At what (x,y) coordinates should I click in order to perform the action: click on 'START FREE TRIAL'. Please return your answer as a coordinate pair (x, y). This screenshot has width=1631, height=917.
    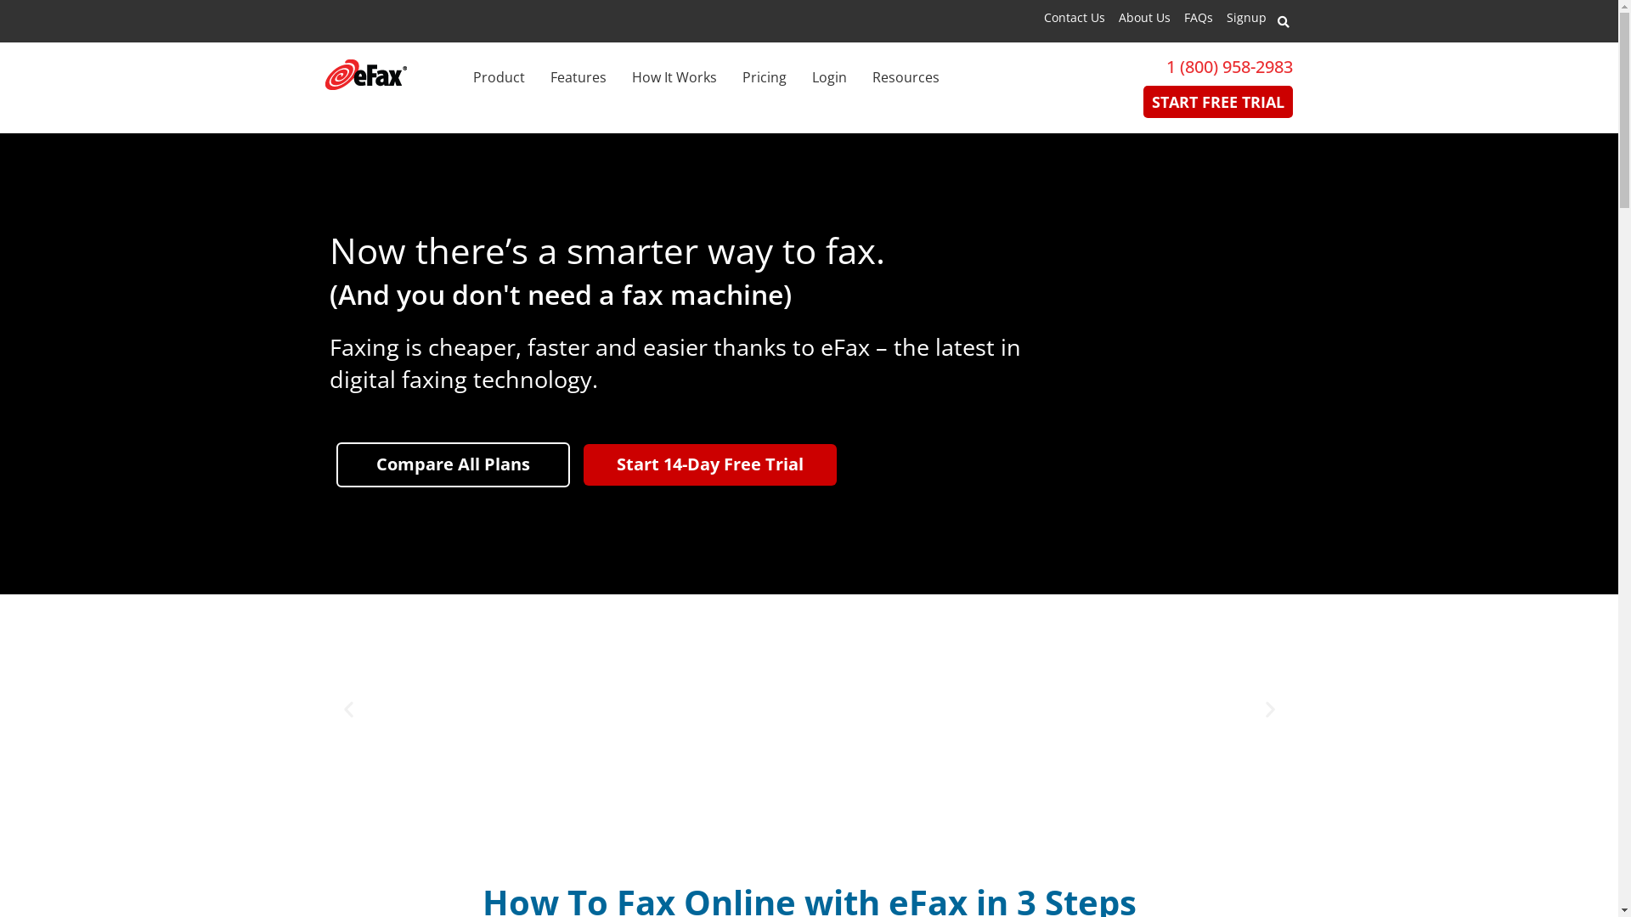
    Looking at the image, I should click on (1217, 101).